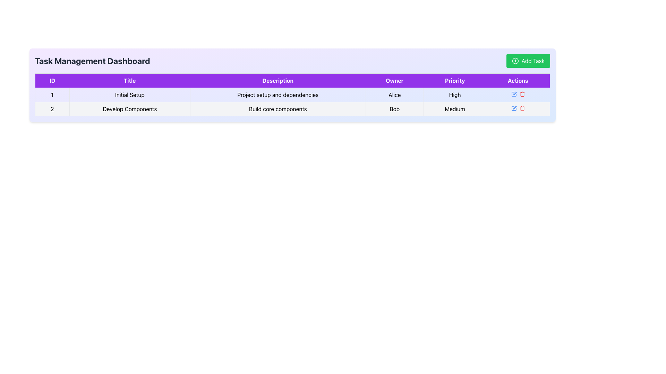 This screenshot has width=666, height=374. What do you see at coordinates (130, 109) in the screenshot?
I see `on the table cell containing the task title 'Develop Components', which is the second cell in the second row of the table` at bounding box center [130, 109].